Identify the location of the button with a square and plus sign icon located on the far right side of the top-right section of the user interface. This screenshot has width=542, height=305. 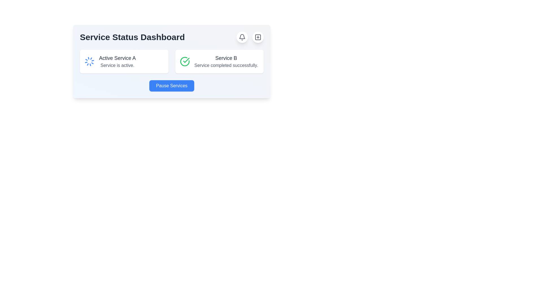
(257, 37).